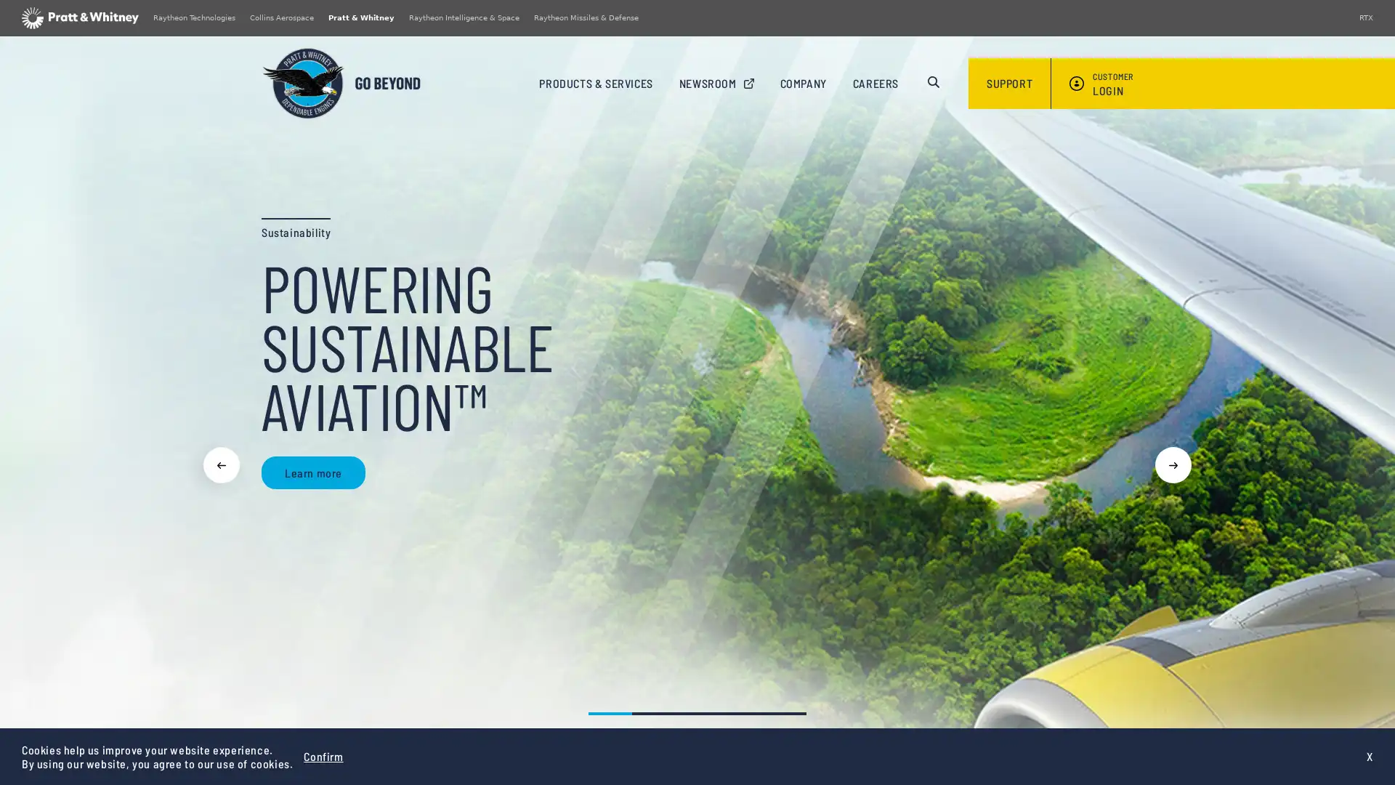 The width and height of the screenshot is (1395, 785). I want to click on Previous slide, so click(221, 465).